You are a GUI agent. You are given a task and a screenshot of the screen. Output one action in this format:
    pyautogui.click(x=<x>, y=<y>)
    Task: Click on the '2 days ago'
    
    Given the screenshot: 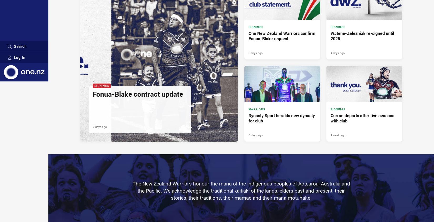 What is the action you would take?
    pyautogui.click(x=100, y=126)
    